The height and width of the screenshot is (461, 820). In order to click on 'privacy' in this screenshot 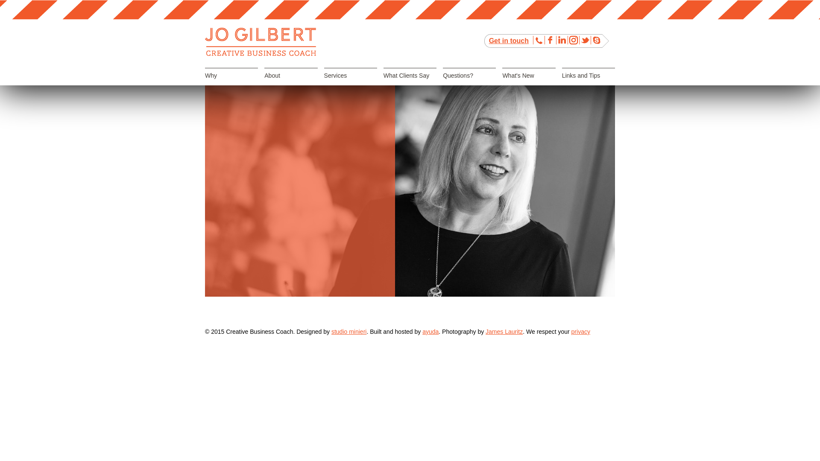, I will do `click(580, 331)`.